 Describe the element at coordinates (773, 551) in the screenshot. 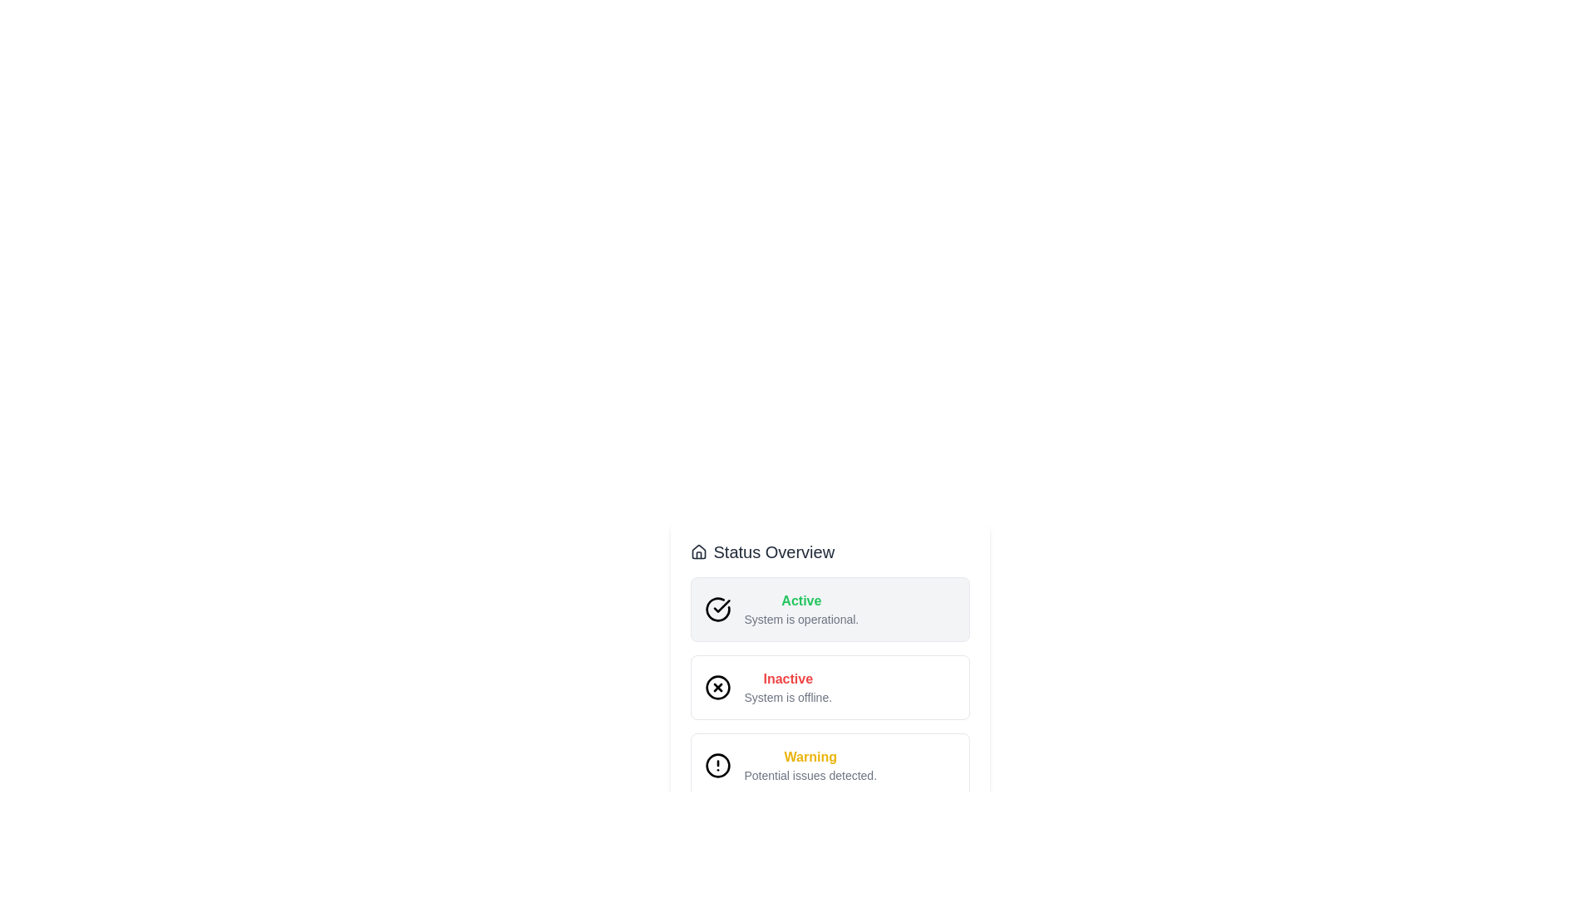

I see `the text label element that serves as a header or title summarizing the information below, positioned to the right of a house-shaped icon within a group of status items` at that location.